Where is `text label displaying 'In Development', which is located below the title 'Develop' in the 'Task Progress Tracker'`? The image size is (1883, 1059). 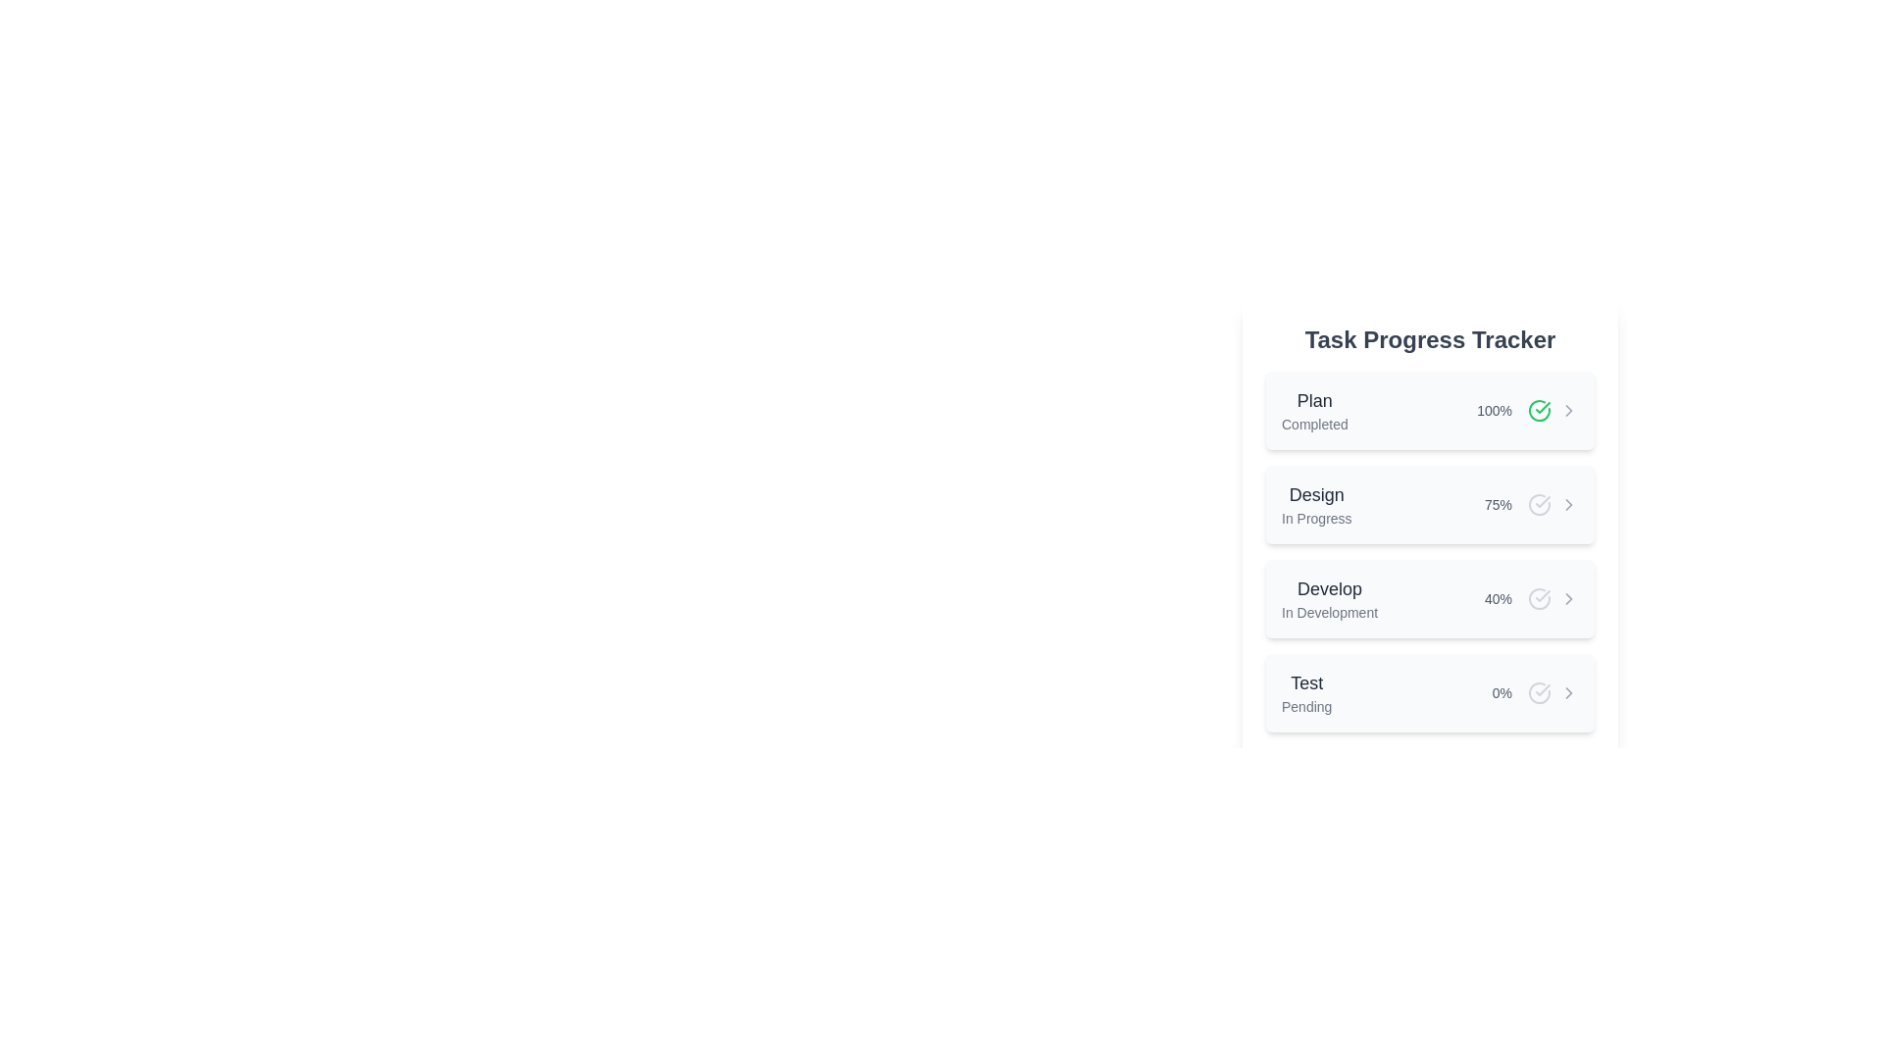 text label displaying 'In Development', which is located below the title 'Develop' in the 'Task Progress Tracker' is located at coordinates (1330, 611).